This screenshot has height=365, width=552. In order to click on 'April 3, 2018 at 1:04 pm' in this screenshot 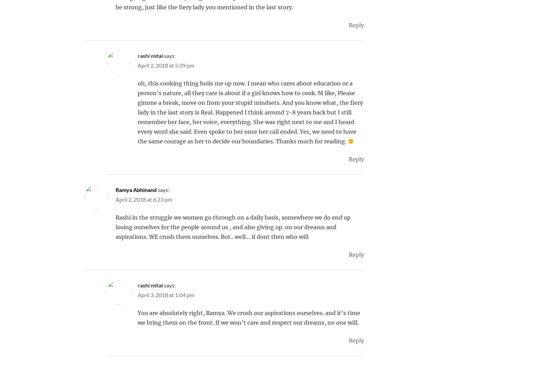, I will do `click(165, 295)`.